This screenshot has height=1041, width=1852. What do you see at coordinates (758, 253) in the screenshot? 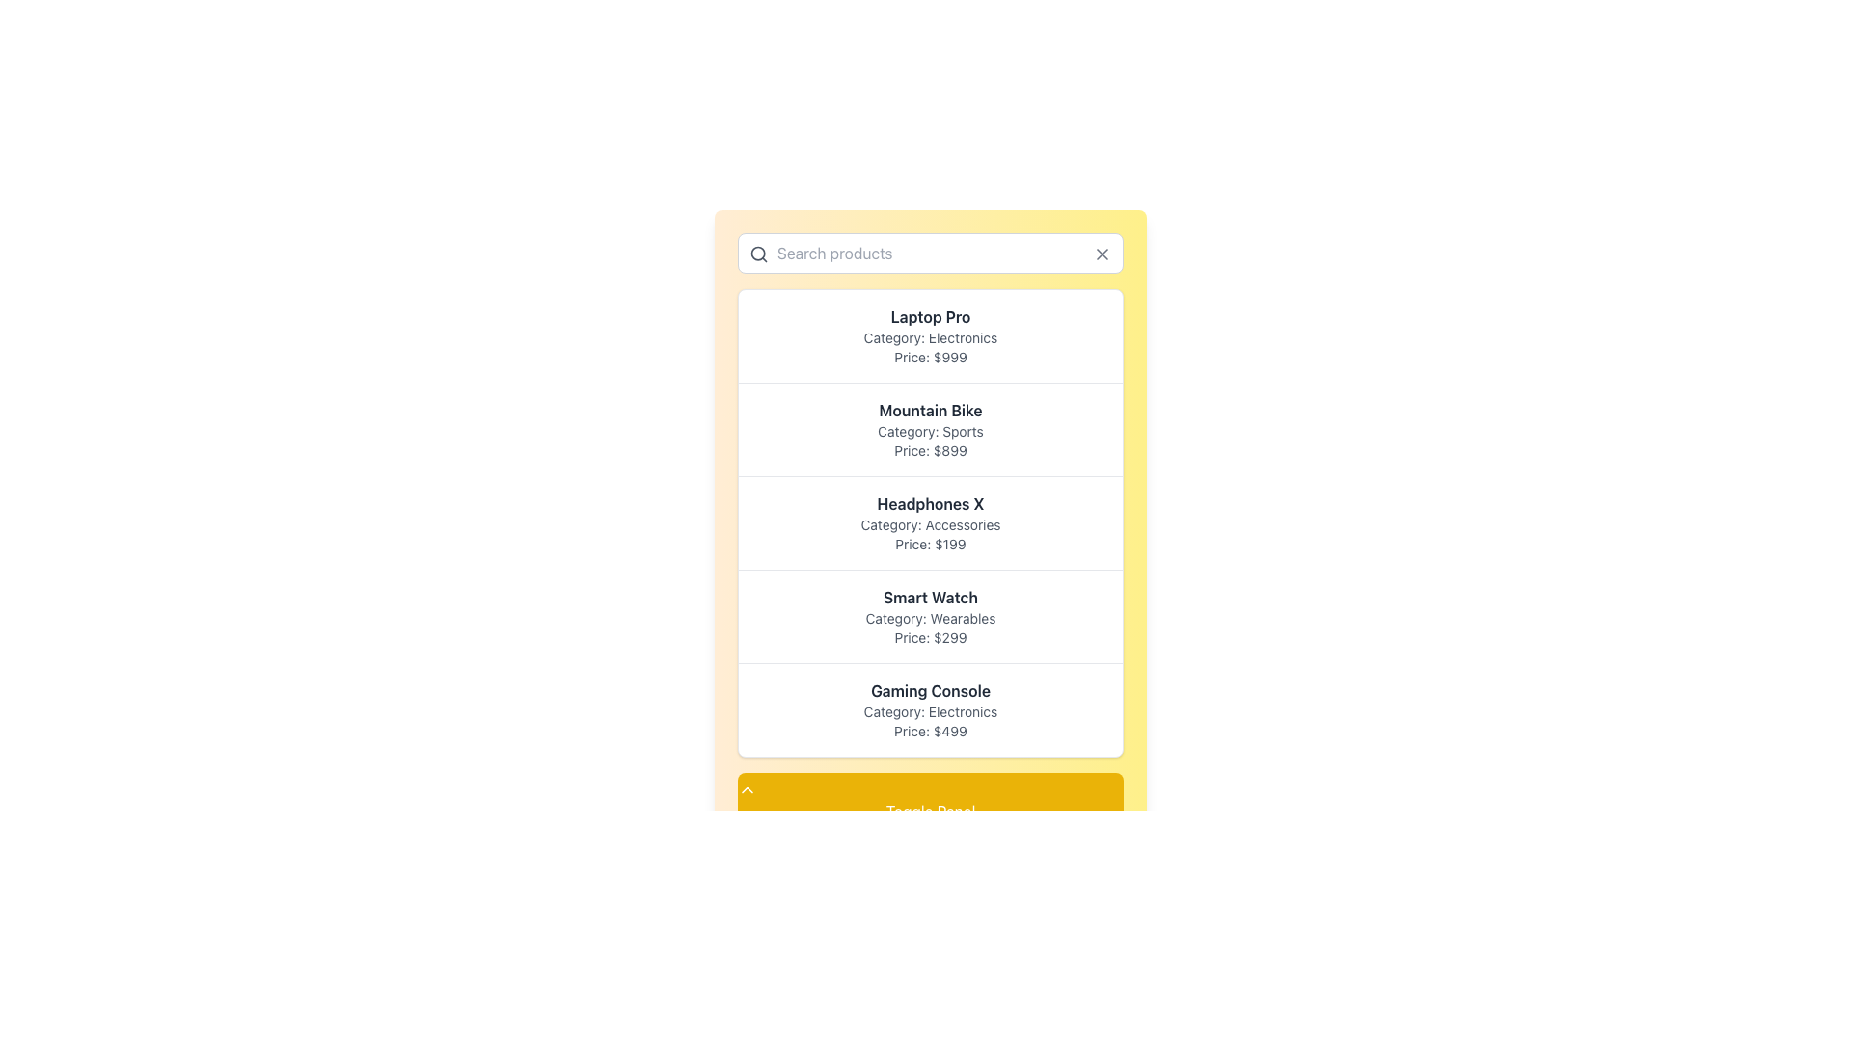
I see `the decorative search icon located at the top-left corner of the search bar, which signifies the search functionality of the input field` at bounding box center [758, 253].